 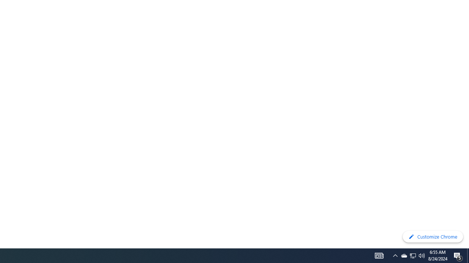 I want to click on 'Customize Chrome', so click(x=433, y=237).